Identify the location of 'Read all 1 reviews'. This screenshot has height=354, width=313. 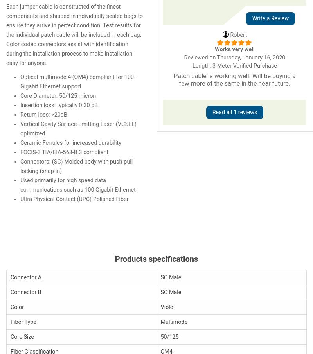
(234, 112).